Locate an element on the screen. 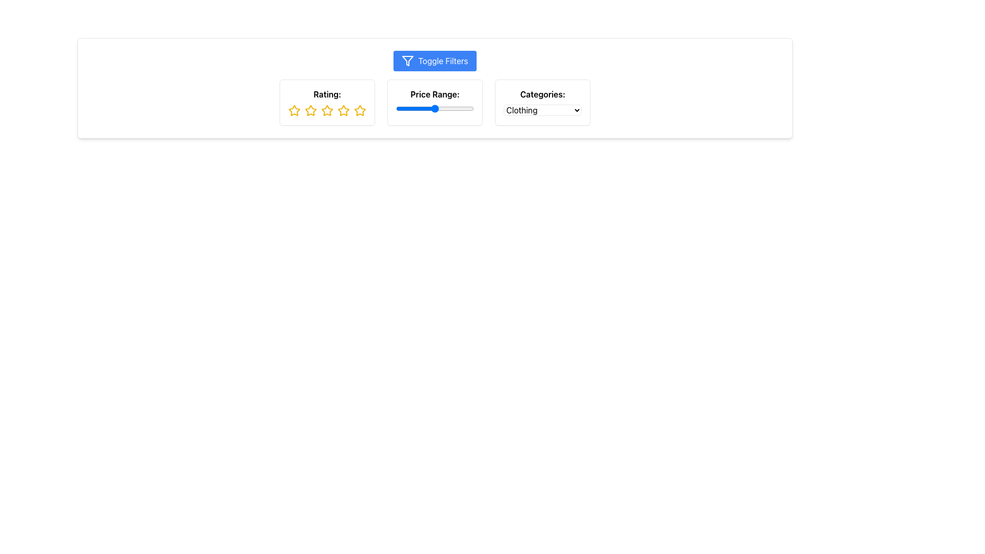  the price range slider is located at coordinates (435, 109).